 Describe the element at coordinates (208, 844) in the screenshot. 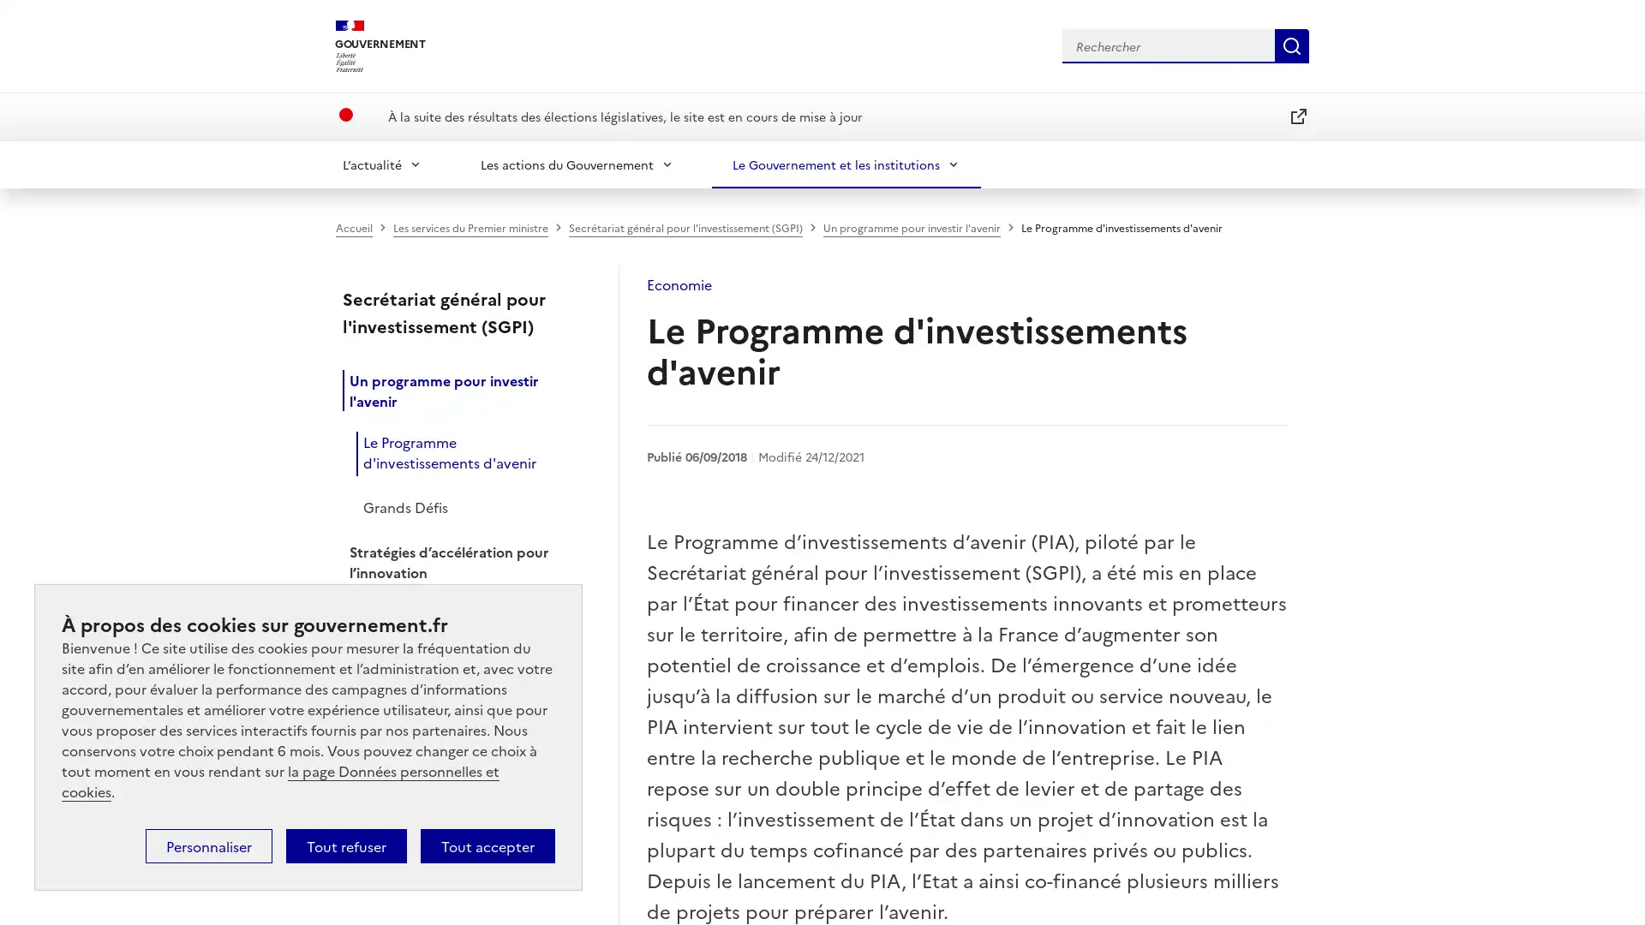

I see `Personnaliser` at that location.